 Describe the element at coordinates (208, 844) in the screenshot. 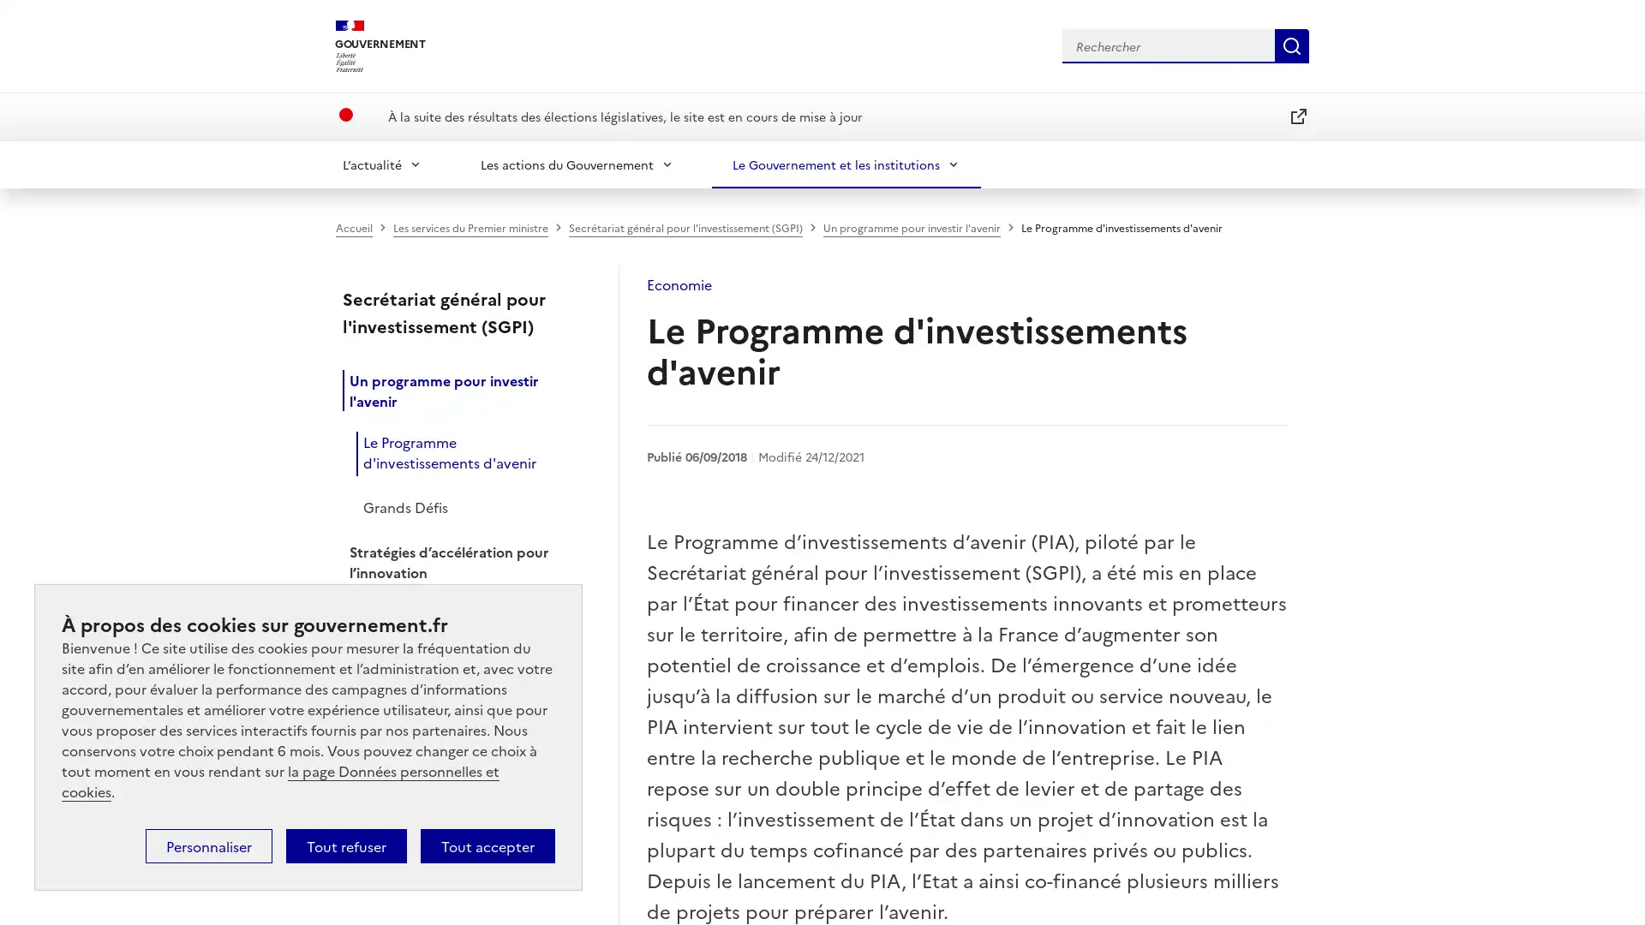

I see `Personnaliser` at that location.